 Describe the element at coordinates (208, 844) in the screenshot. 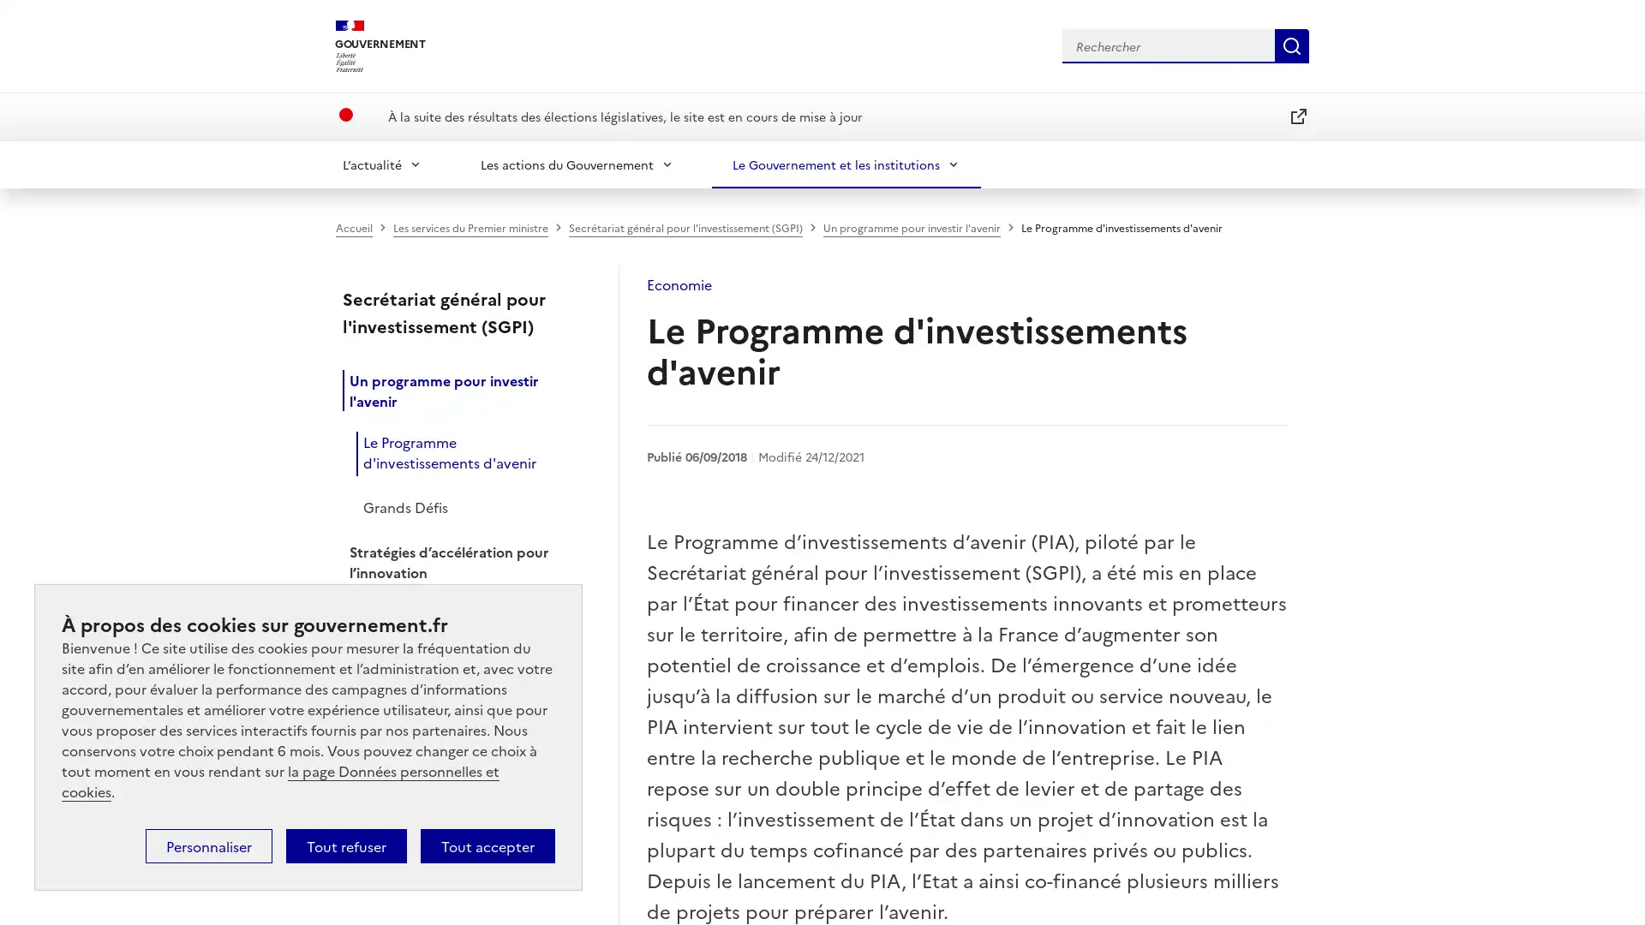

I see `Personnaliser` at that location.